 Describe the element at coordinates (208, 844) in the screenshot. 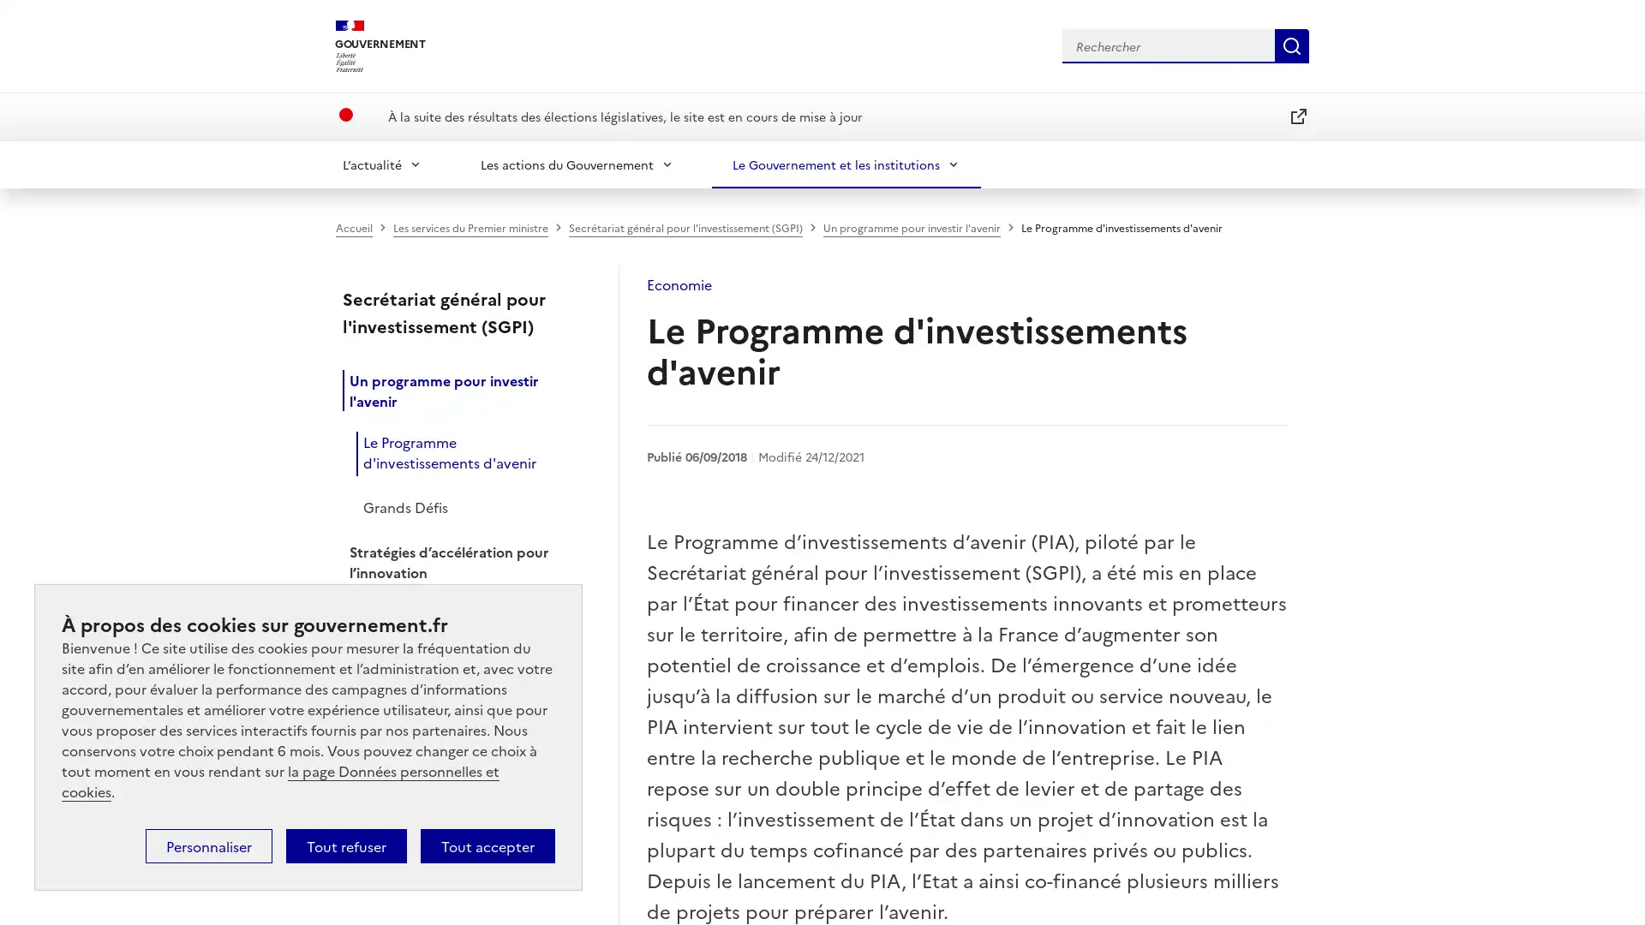

I see `Personnaliser` at that location.